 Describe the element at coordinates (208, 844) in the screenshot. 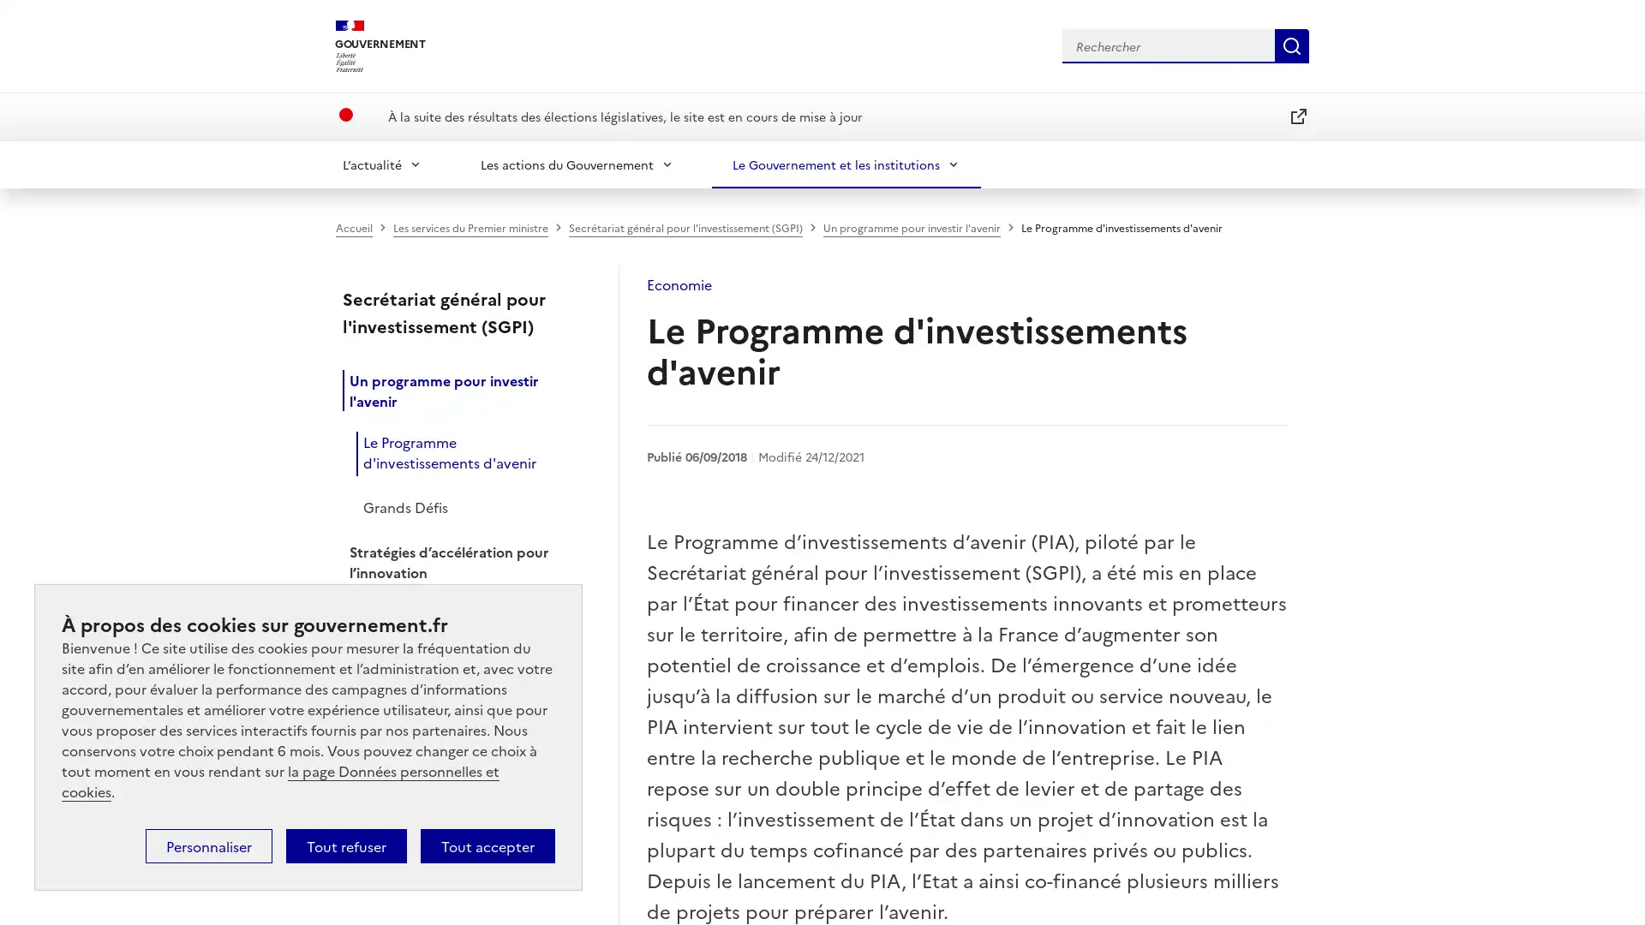

I see `Personnaliser` at that location.